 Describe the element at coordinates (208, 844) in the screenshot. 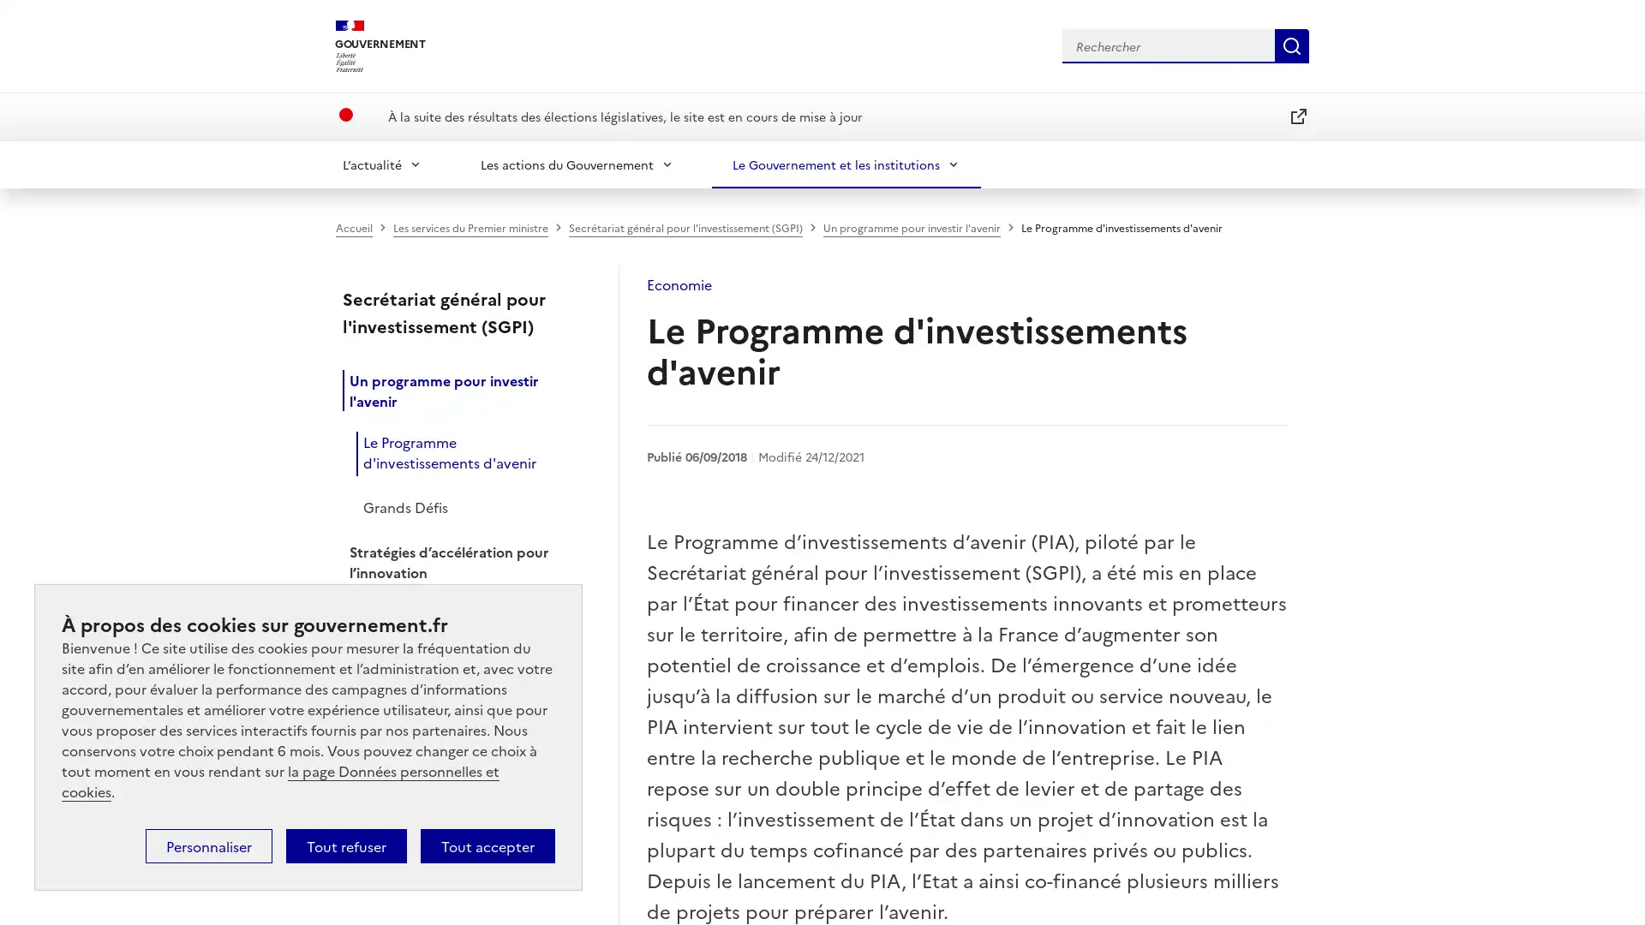

I see `Personnaliser` at that location.